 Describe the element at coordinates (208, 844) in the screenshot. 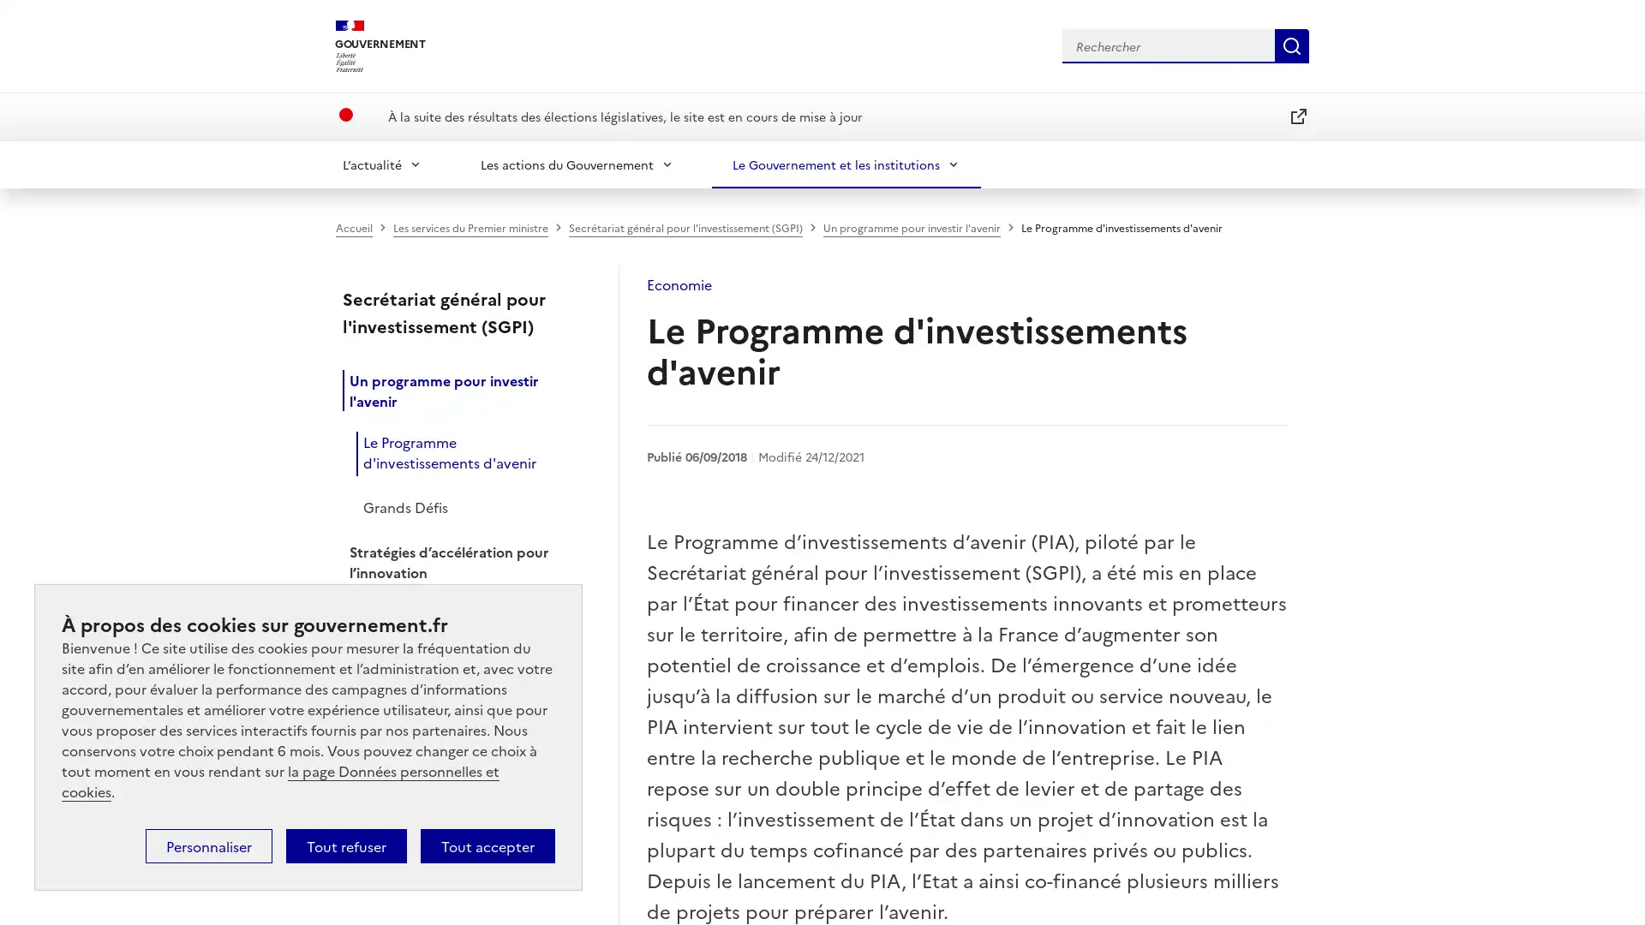

I see `Personnaliser` at that location.